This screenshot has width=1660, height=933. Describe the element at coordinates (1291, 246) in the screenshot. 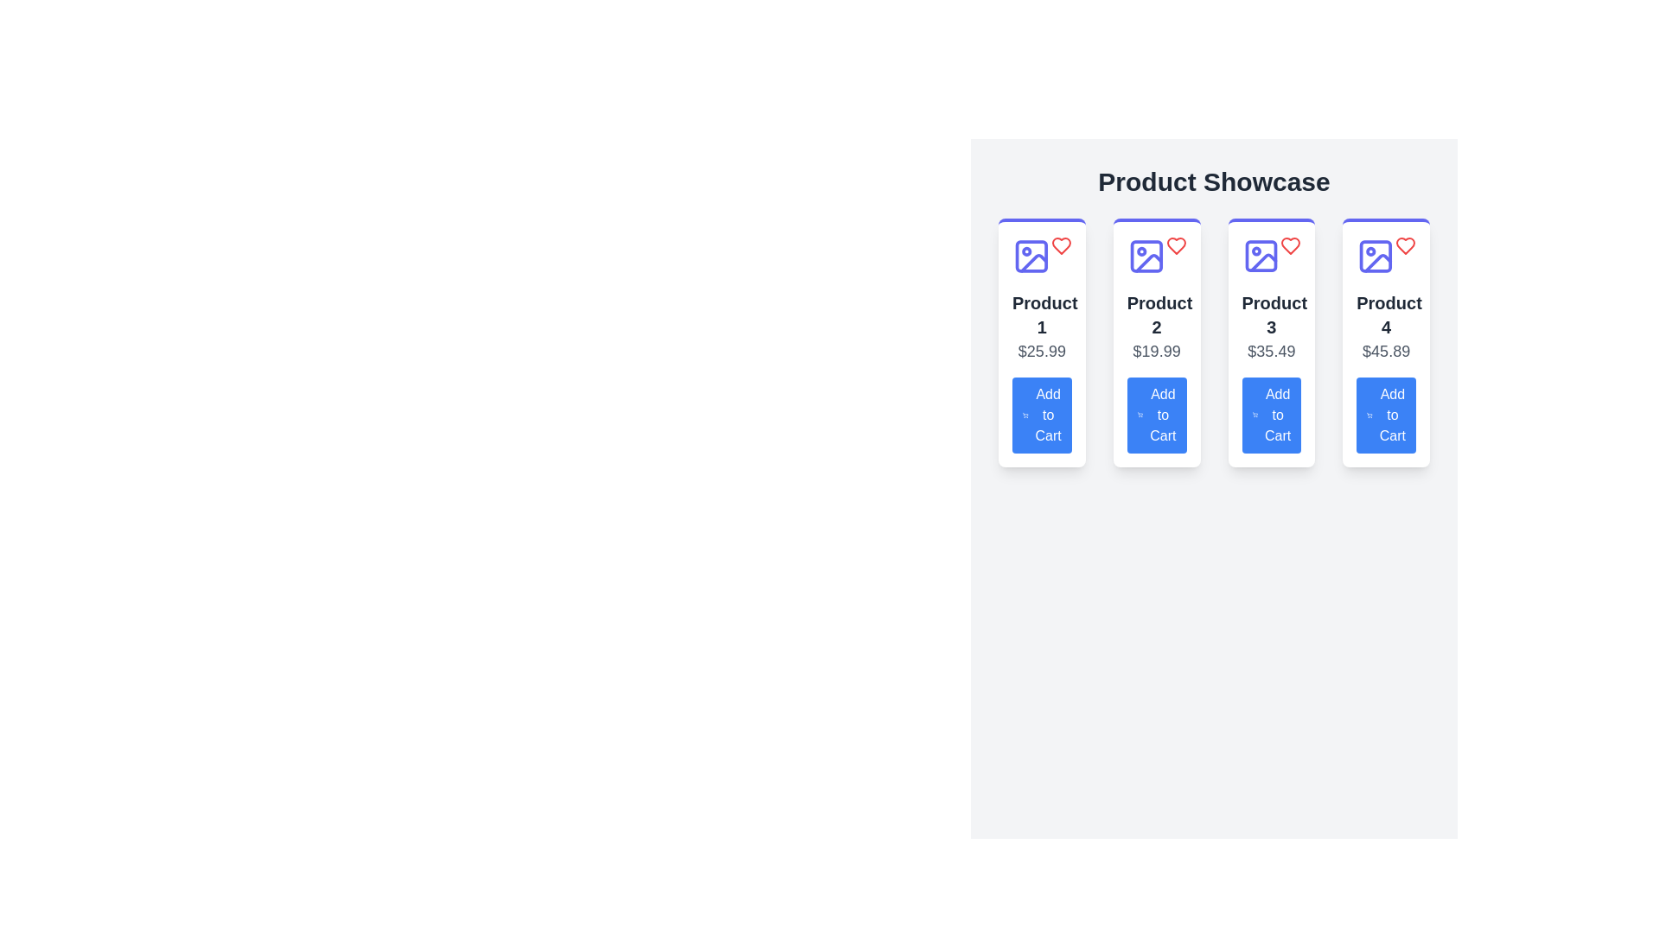

I see `the red heart icon located in the top-right corner of the third product card` at that location.